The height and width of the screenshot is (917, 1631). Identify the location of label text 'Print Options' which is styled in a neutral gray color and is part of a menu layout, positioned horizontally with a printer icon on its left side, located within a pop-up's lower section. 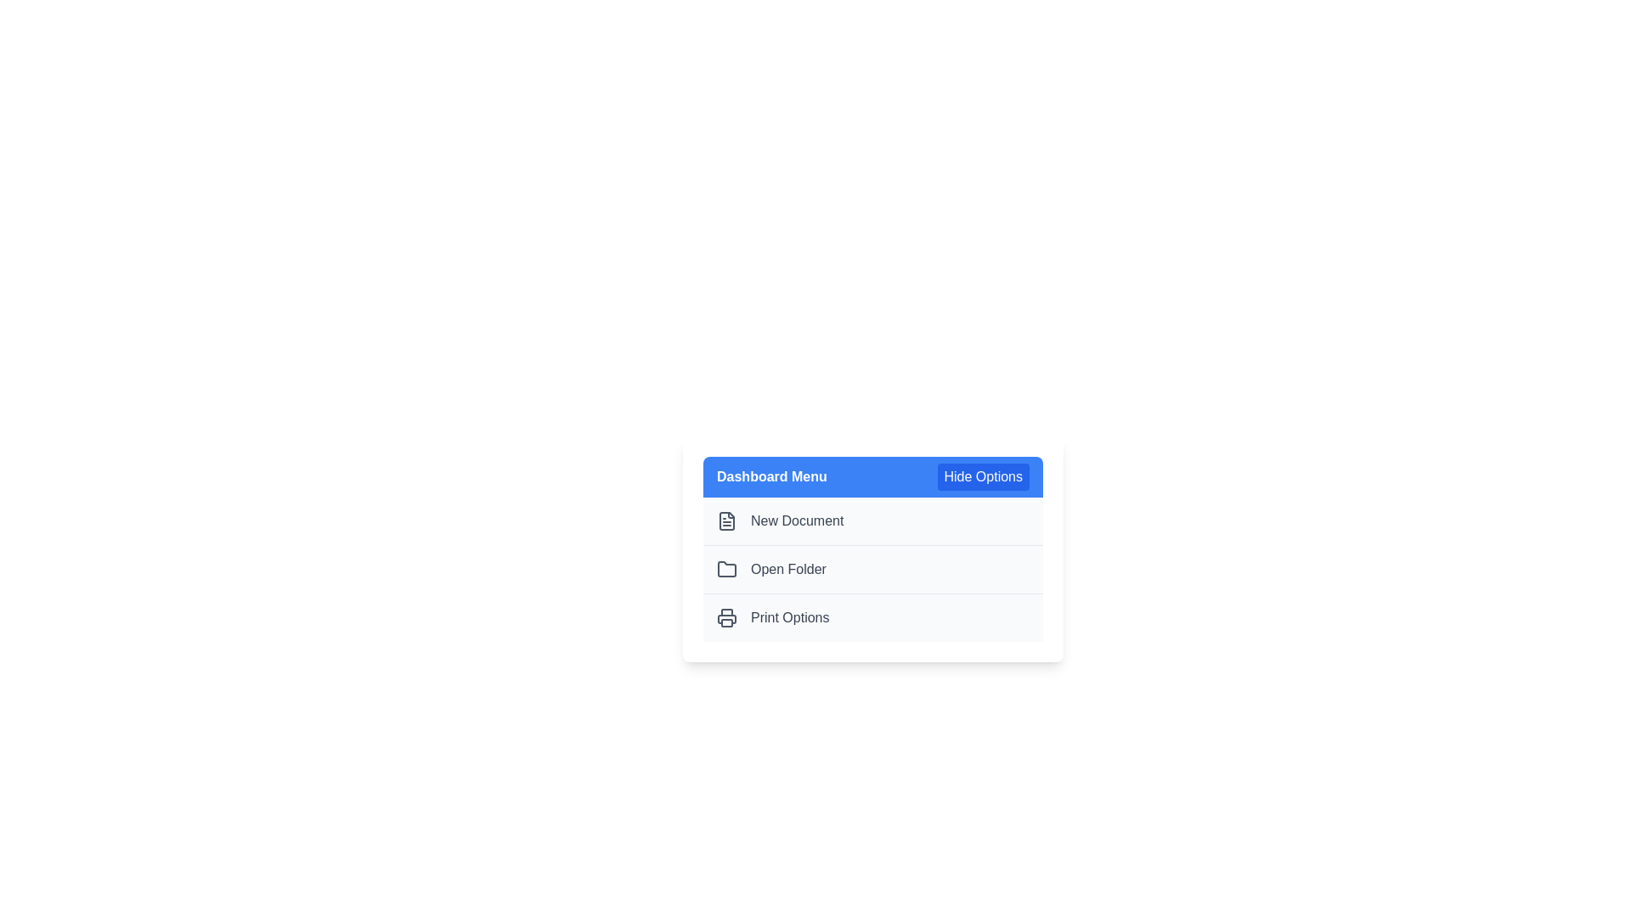
(789, 618).